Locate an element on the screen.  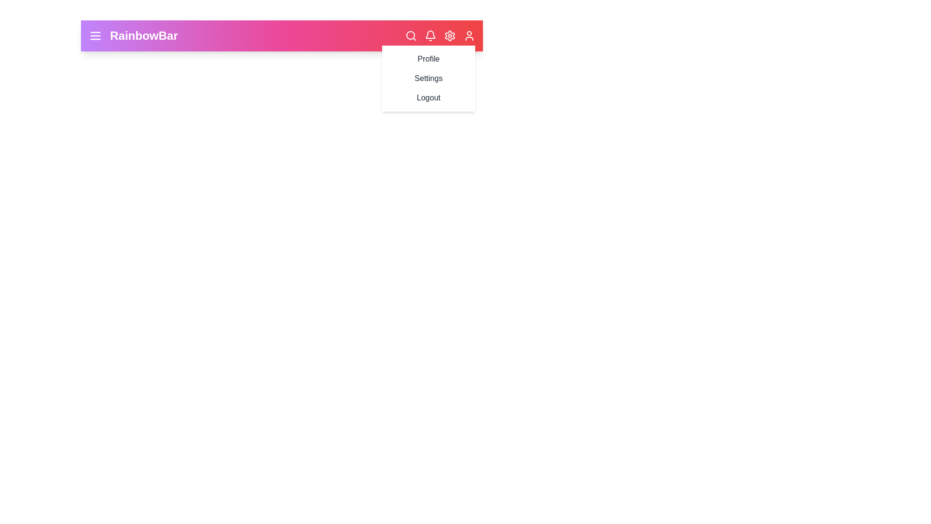
the 'Logout' option in the user menu is located at coordinates (428, 98).